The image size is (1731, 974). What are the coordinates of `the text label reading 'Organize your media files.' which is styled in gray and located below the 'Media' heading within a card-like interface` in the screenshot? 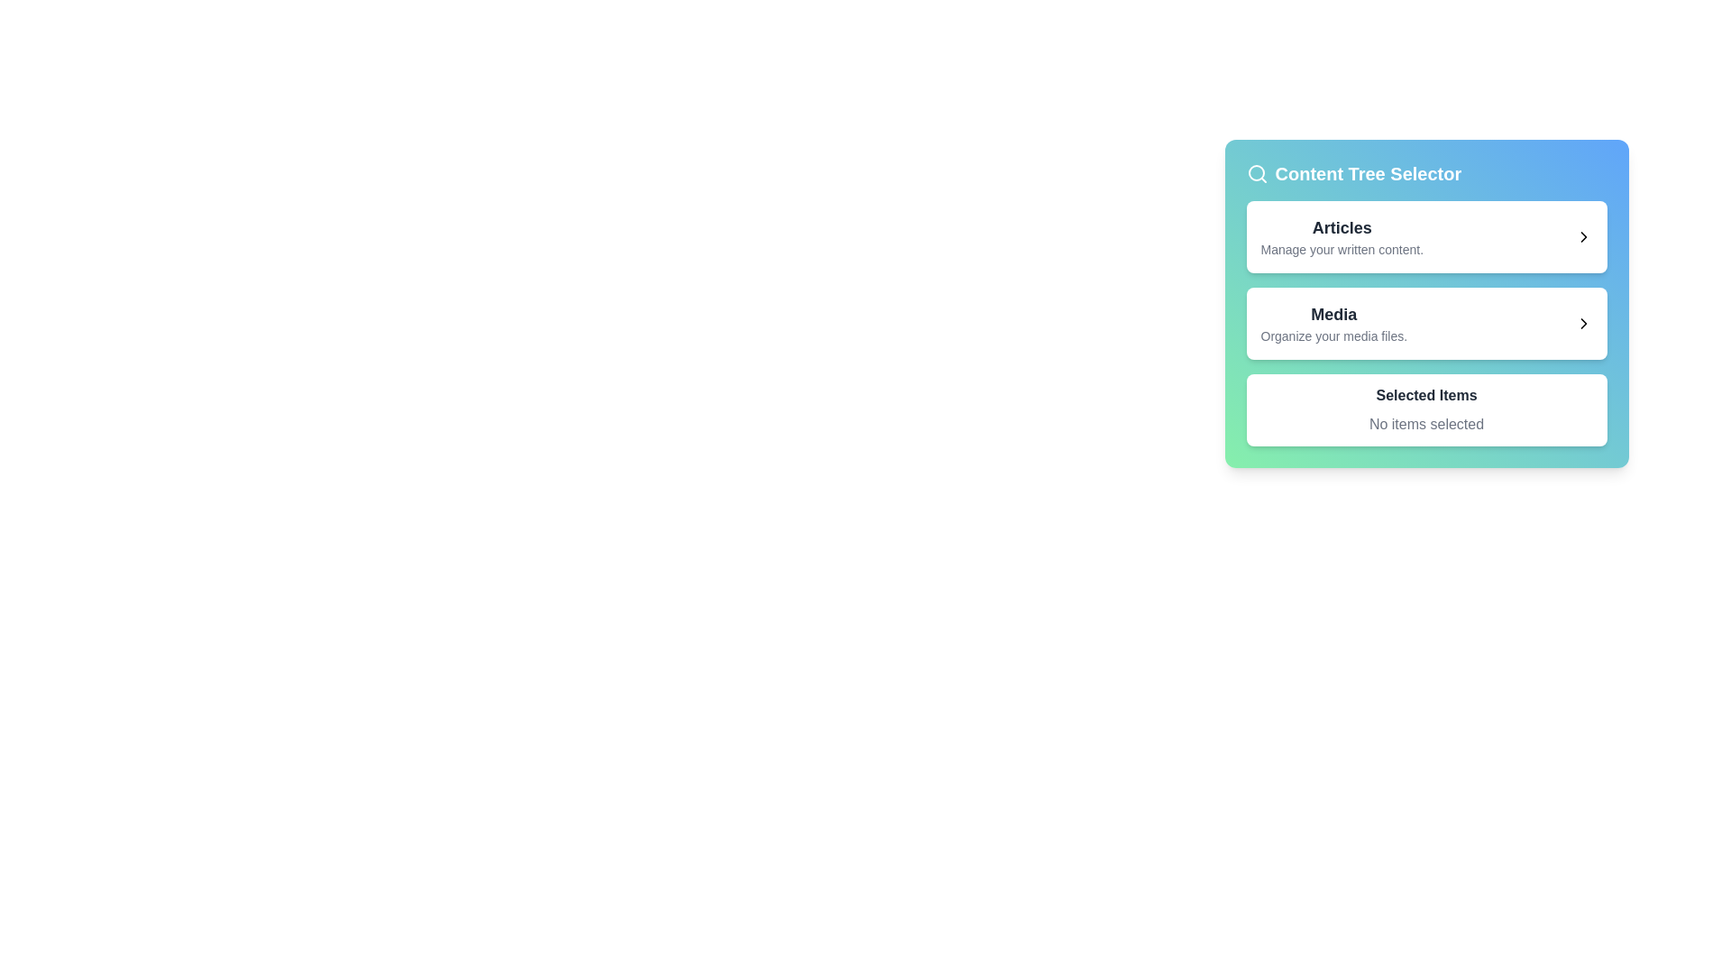 It's located at (1333, 336).